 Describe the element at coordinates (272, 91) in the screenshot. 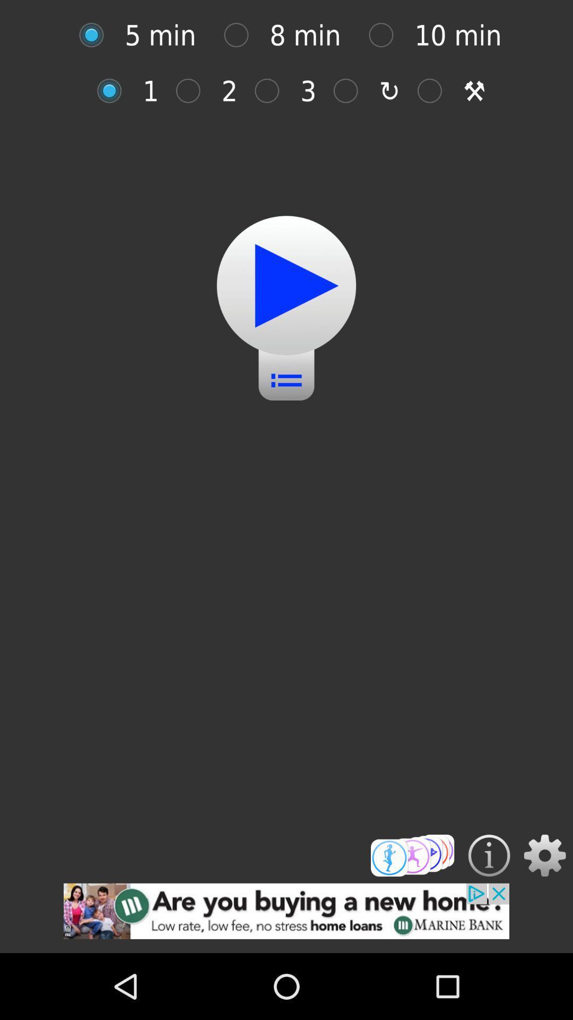

I see `click on icon` at that location.